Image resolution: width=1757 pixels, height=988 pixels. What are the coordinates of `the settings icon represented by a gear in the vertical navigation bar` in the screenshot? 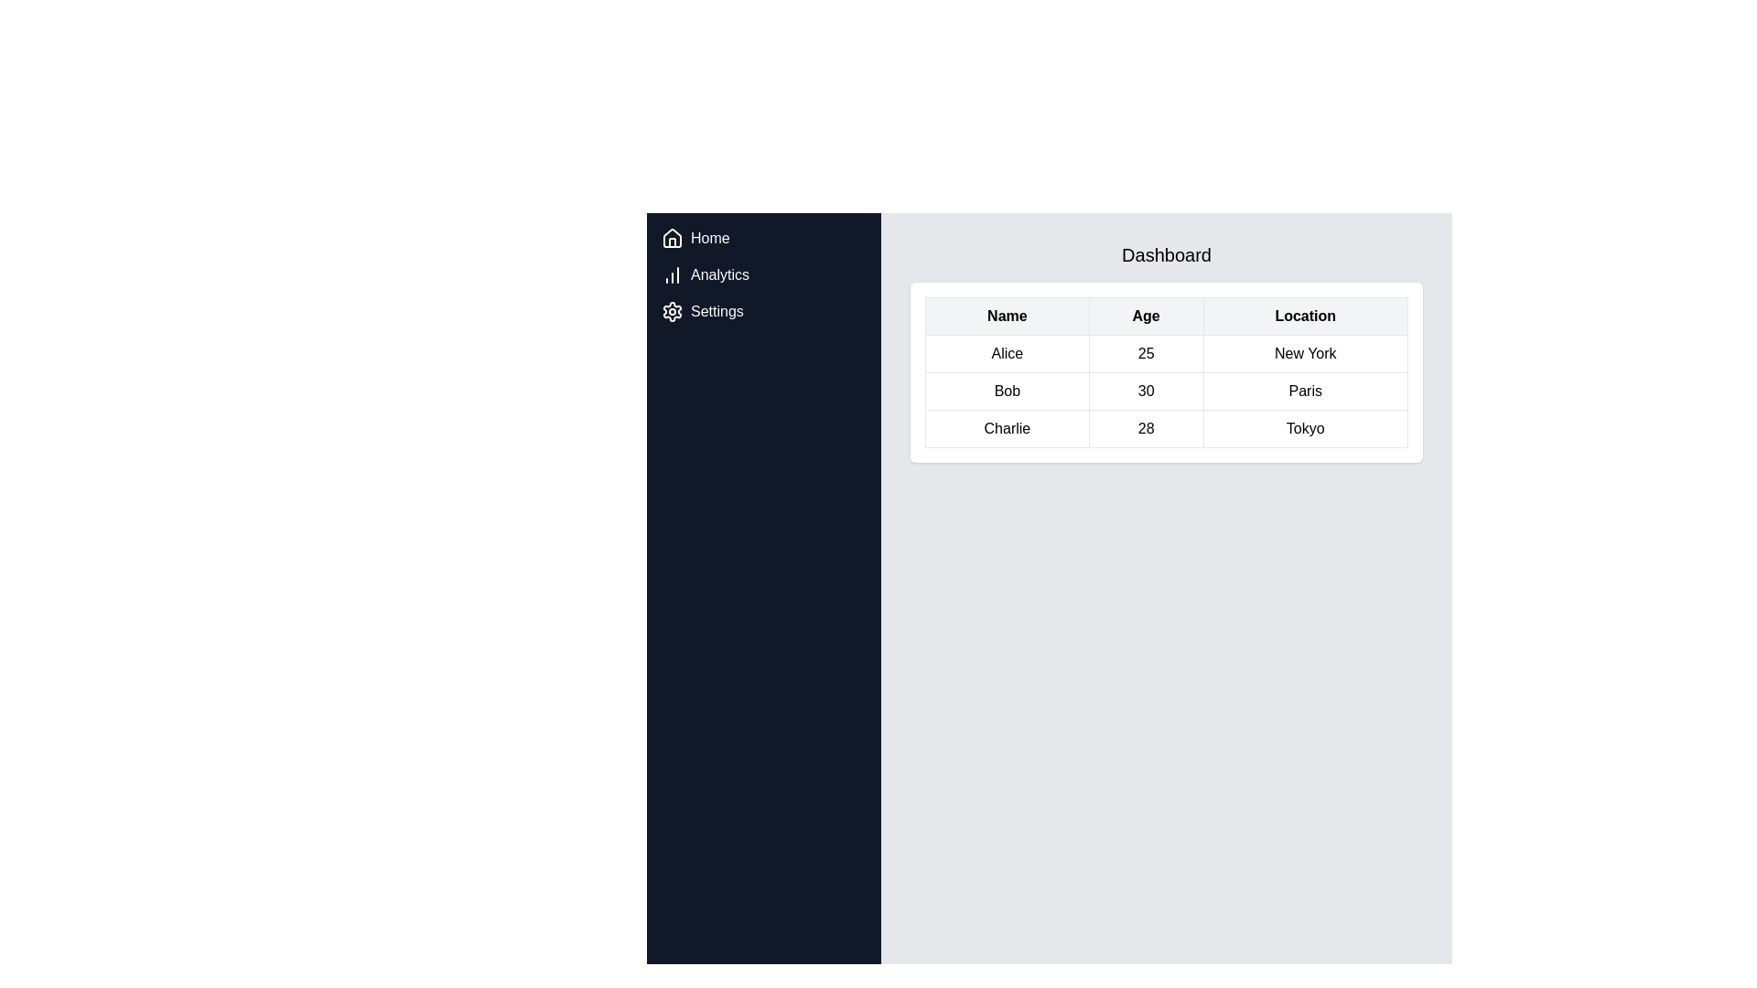 It's located at (671, 310).